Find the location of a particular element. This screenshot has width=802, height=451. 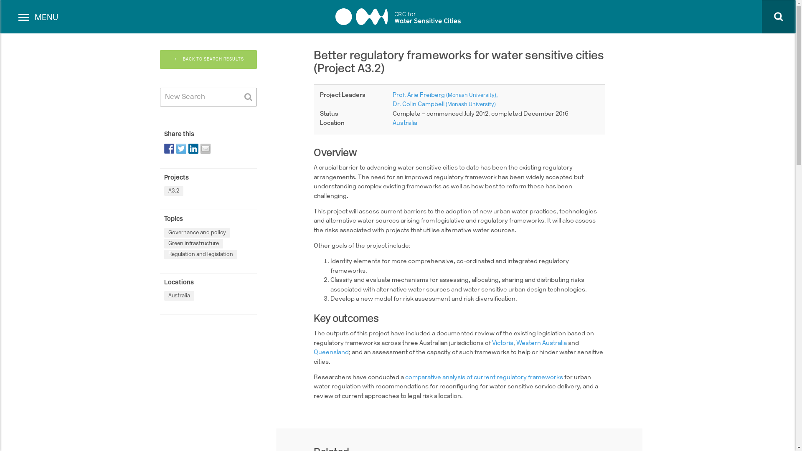

'comparative analysis of current regulatory frameworks' is located at coordinates (484, 378).